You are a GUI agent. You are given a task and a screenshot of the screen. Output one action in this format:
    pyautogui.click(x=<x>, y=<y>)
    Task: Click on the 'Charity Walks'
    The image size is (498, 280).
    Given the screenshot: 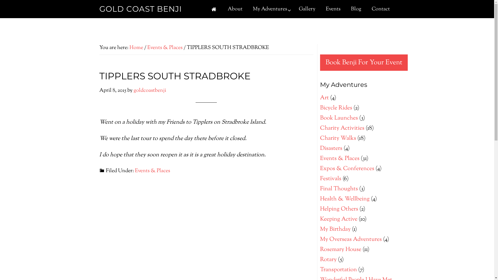 What is the action you would take?
    pyautogui.click(x=338, y=138)
    